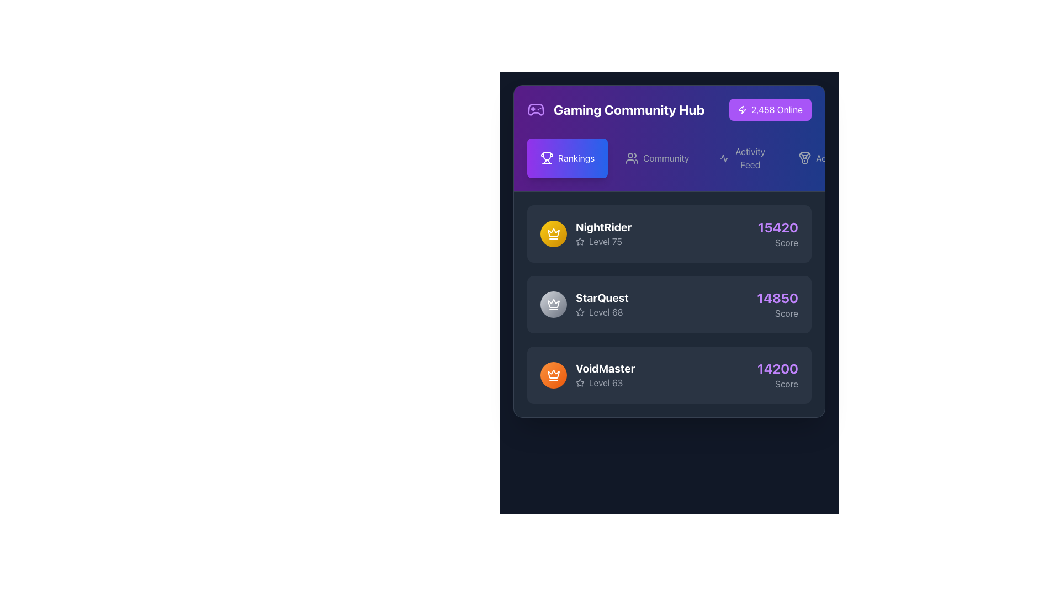  What do you see at coordinates (724, 158) in the screenshot?
I see `the activity feed icon located in the top navigation area, positioned between the 'Community' link and the 'Online' indicator` at bounding box center [724, 158].